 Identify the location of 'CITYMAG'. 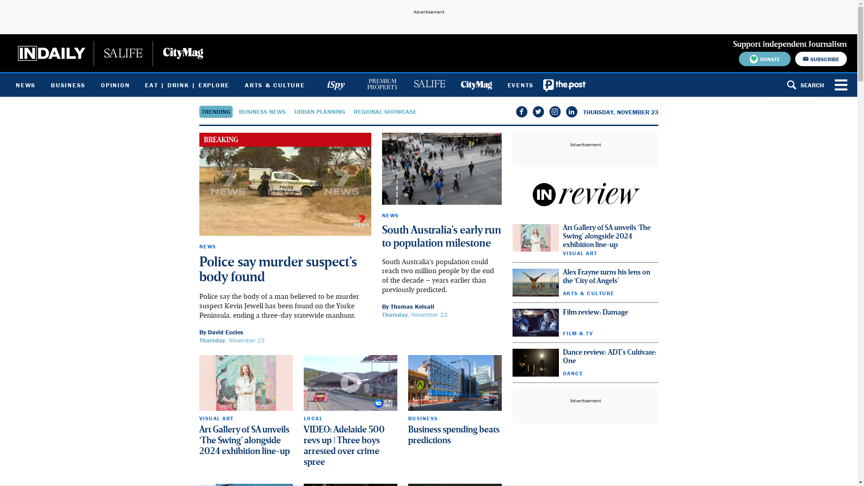
(475, 85).